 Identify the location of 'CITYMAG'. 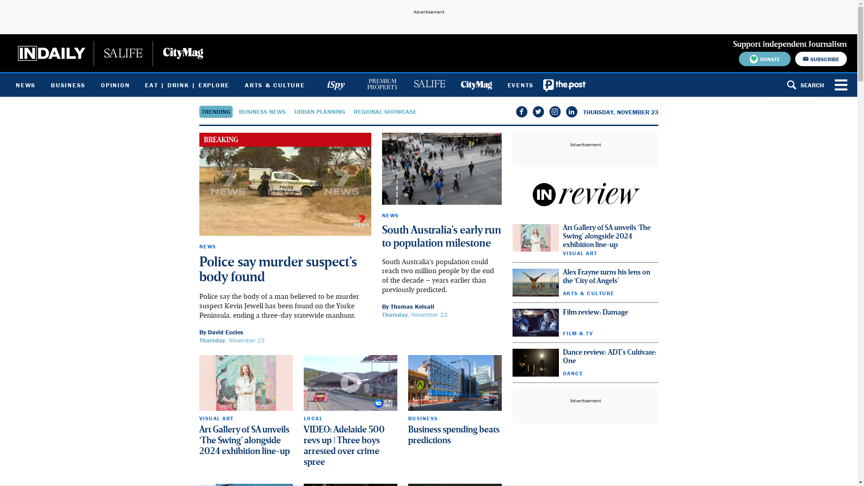
(475, 85).